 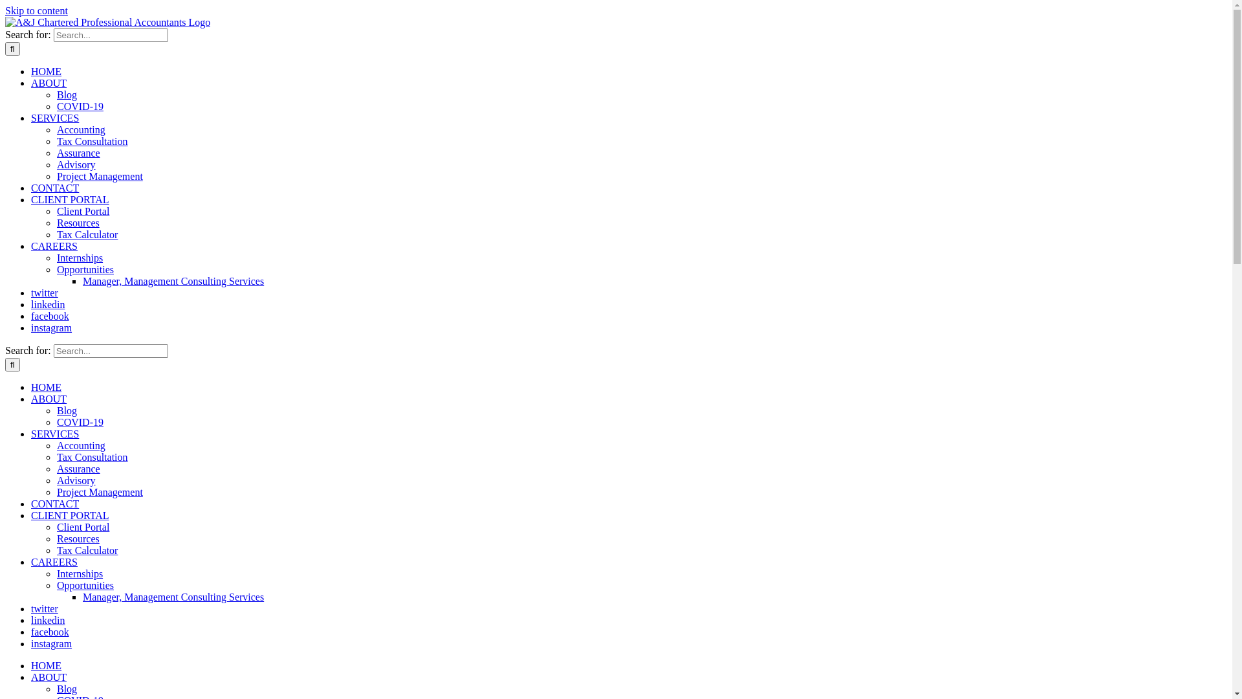 What do you see at coordinates (80, 105) in the screenshot?
I see `'COVID-19'` at bounding box center [80, 105].